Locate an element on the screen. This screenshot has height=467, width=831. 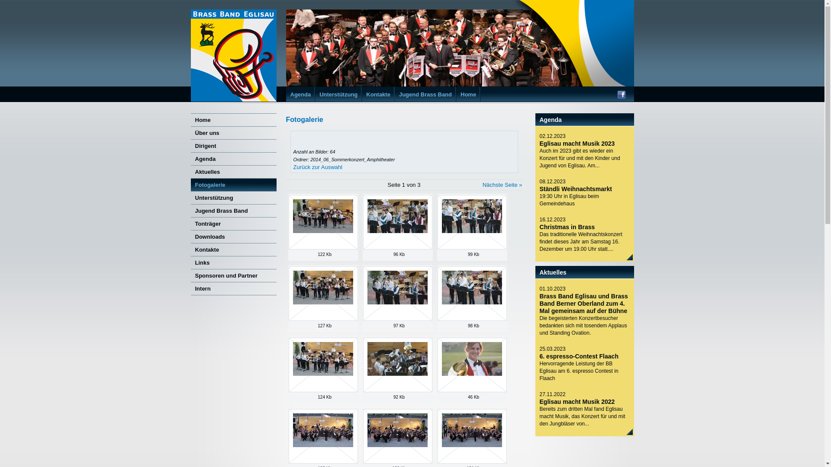
'Jugend Brass Band' is located at coordinates (233, 210).